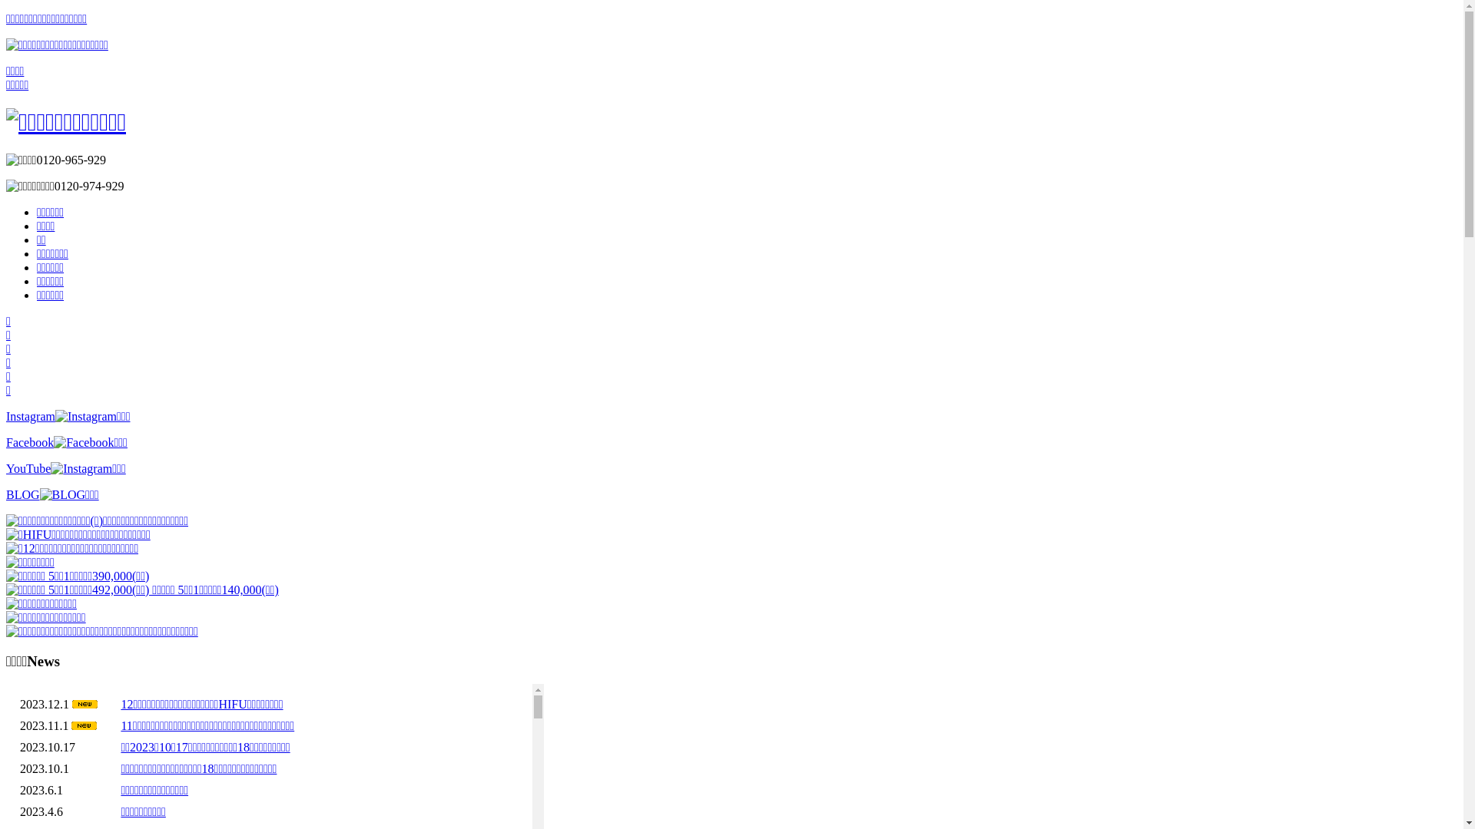 The width and height of the screenshot is (1475, 829). What do you see at coordinates (68, 416) in the screenshot?
I see `'Instagram'` at bounding box center [68, 416].